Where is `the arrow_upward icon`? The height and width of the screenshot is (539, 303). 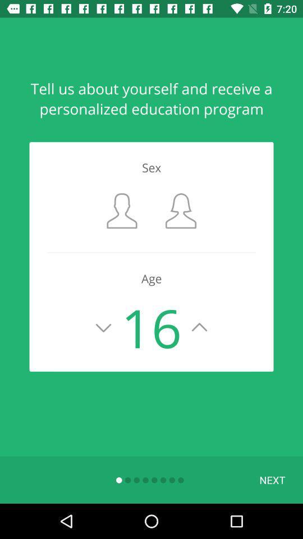
the arrow_upward icon is located at coordinates (199, 327).